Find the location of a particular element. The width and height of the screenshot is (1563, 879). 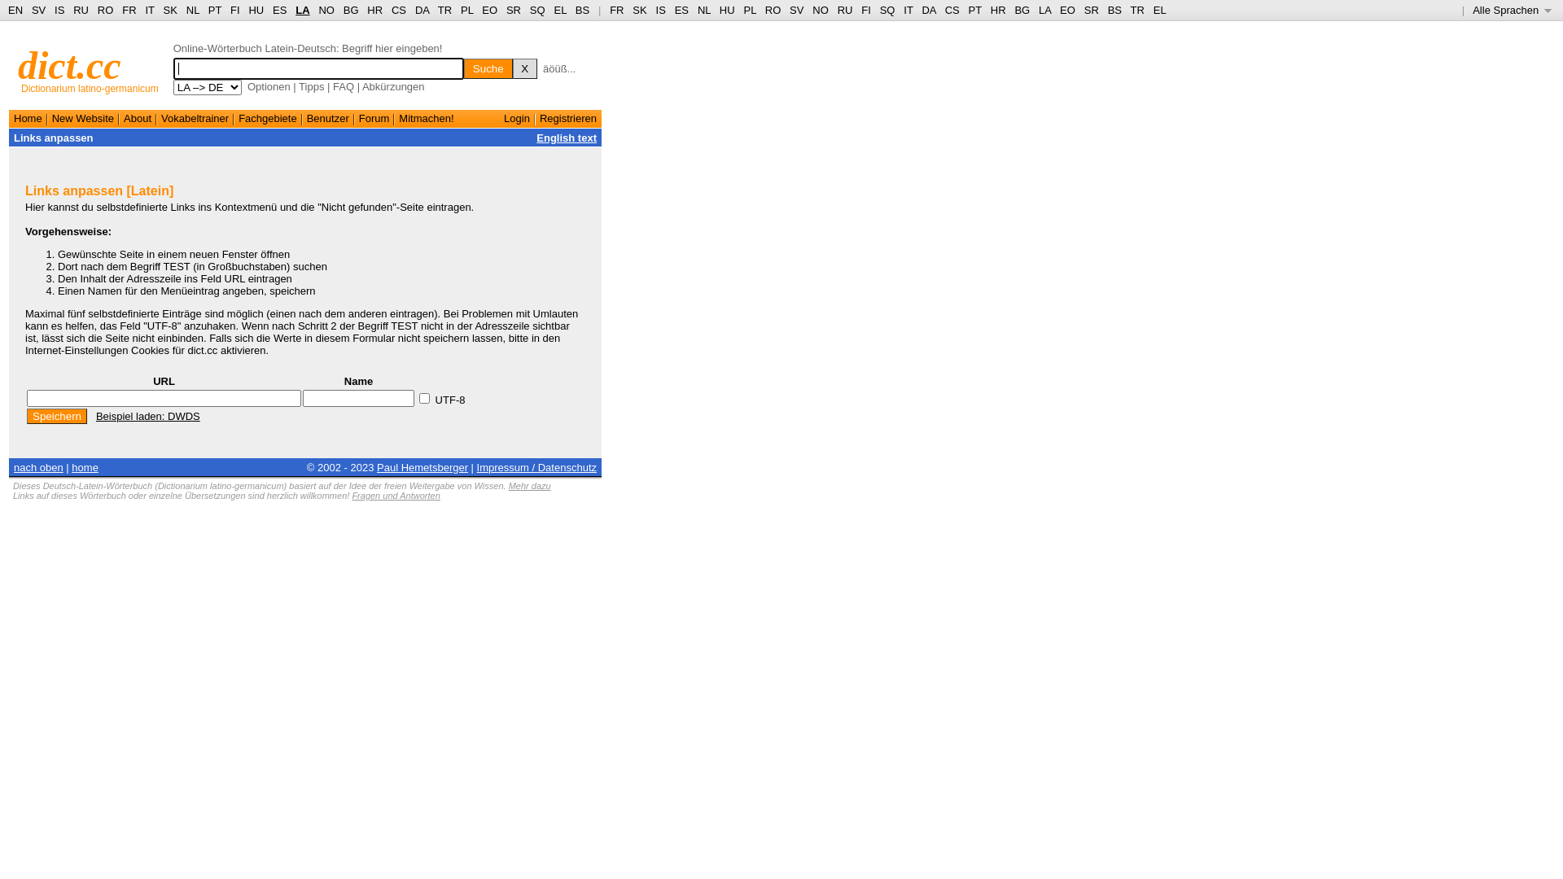

'EL' is located at coordinates (554, 10).